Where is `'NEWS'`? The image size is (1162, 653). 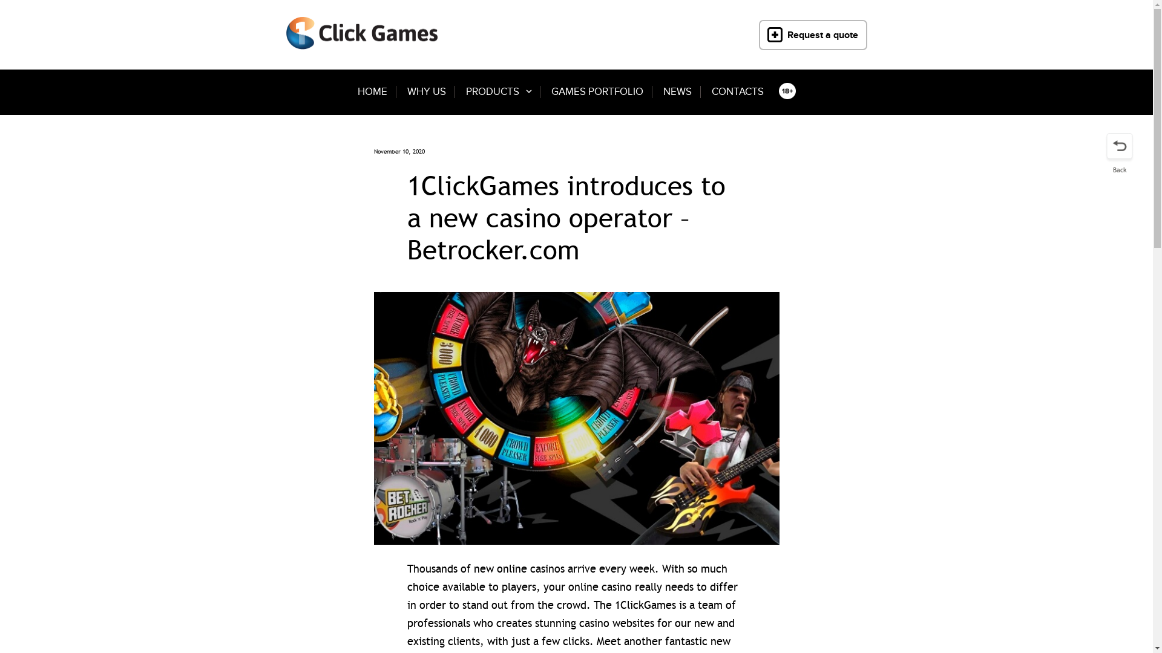 'NEWS' is located at coordinates (677, 91).